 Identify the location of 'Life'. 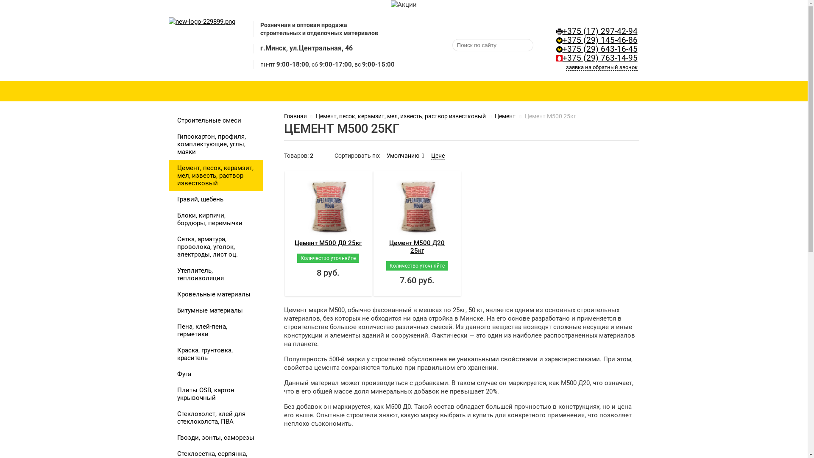
(559, 58).